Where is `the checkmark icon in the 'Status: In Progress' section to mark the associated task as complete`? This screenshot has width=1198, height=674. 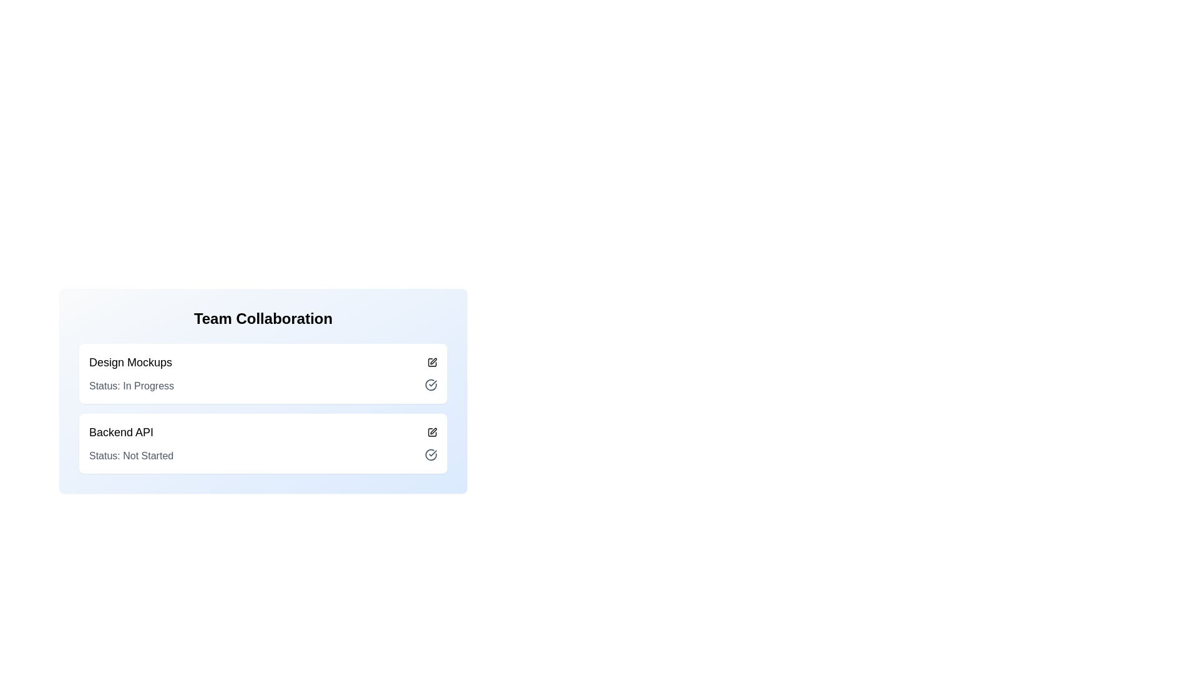 the checkmark icon in the 'Status: In Progress' section to mark the associated task as complete is located at coordinates (431, 384).